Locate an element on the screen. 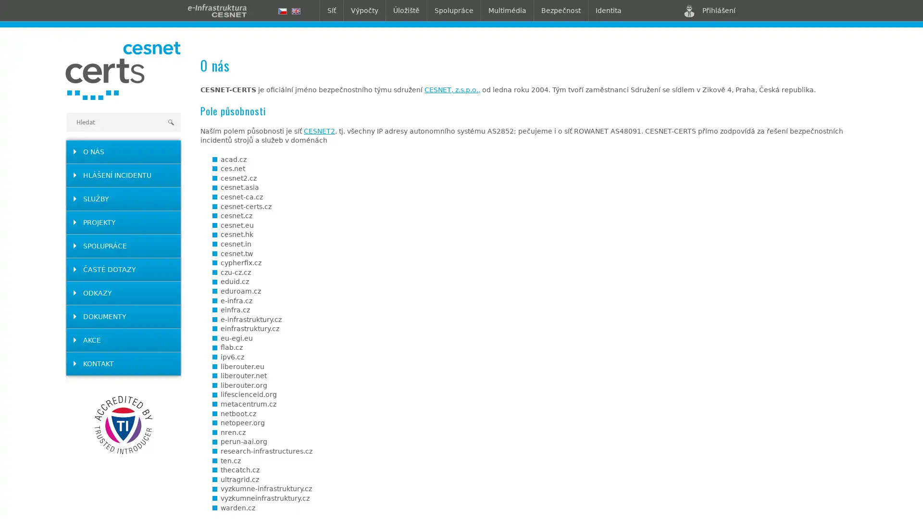 The height and width of the screenshot is (519, 923). Hledat is located at coordinates (171, 122).